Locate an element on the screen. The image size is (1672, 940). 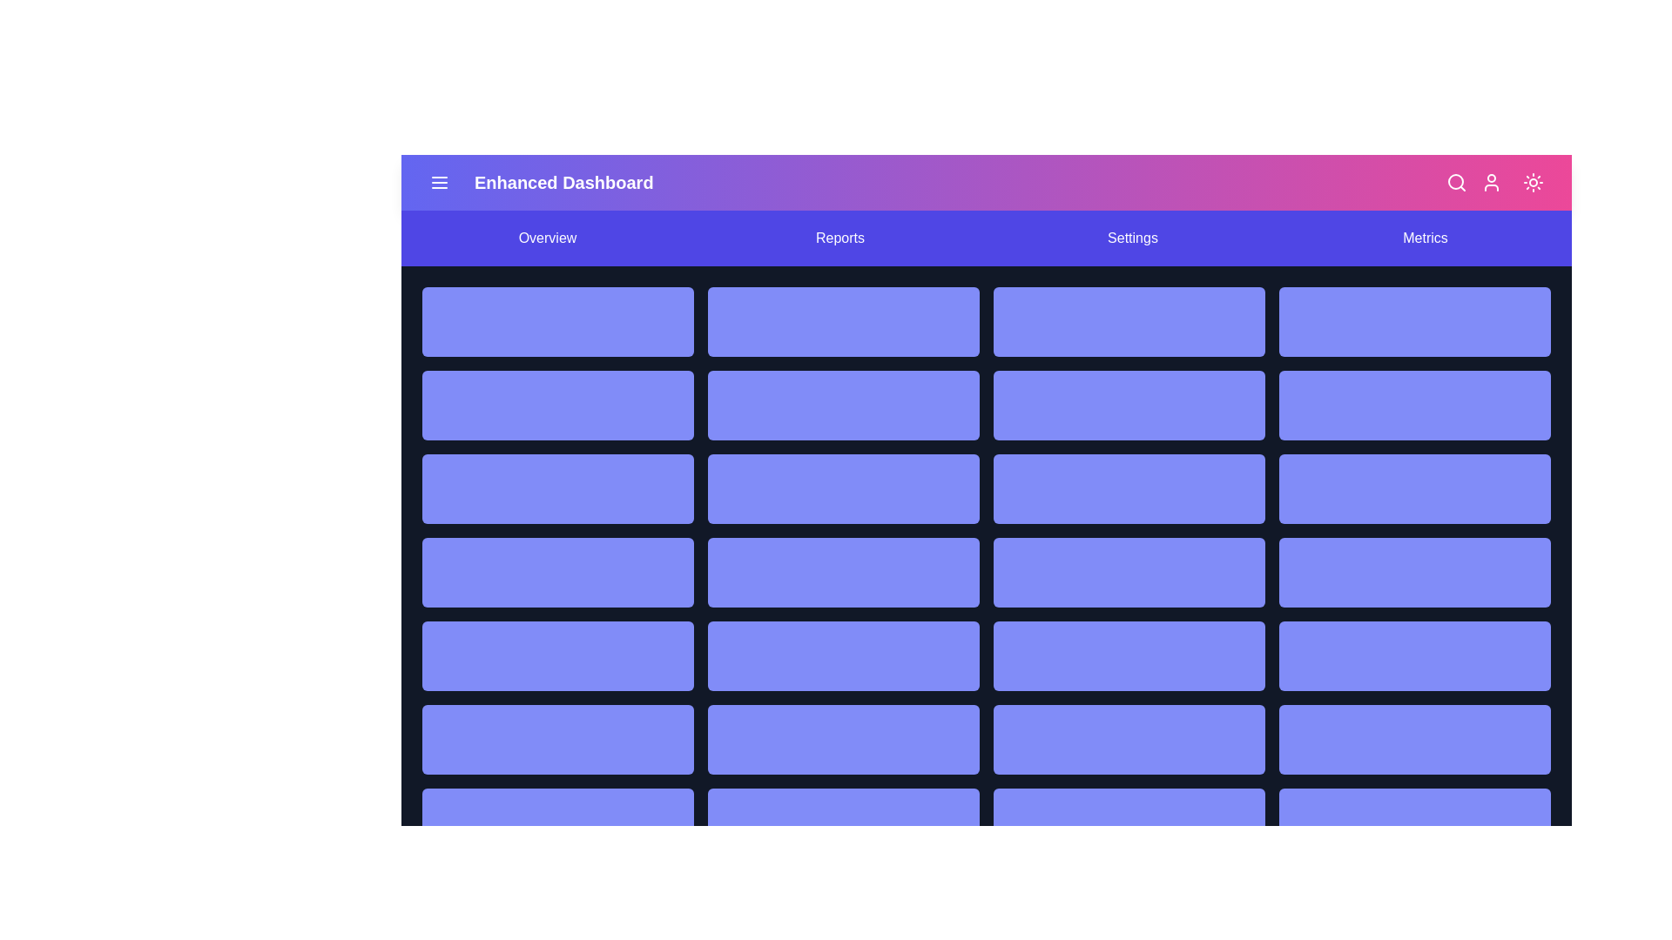
the menu icon to toggle the menu visibility is located at coordinates (439, 182).